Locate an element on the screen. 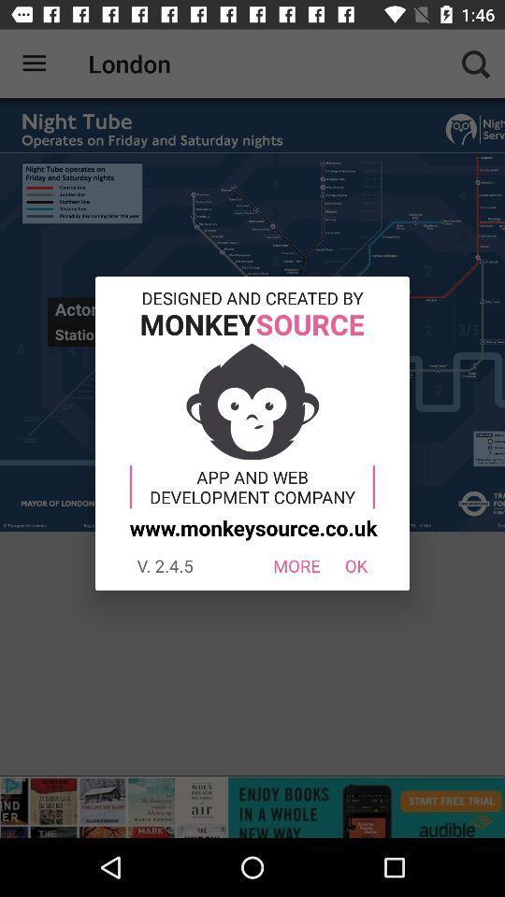 Image resolution: width=505 pixels, height=897 pixels. the www monkeysource co item is located at coordinates (251, 527).